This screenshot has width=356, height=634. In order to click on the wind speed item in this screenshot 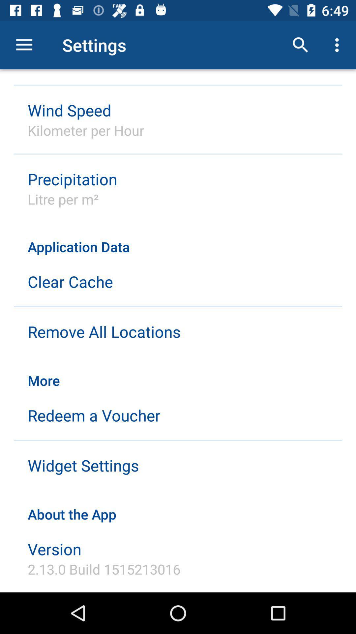, I will do `click(69, 110)`.